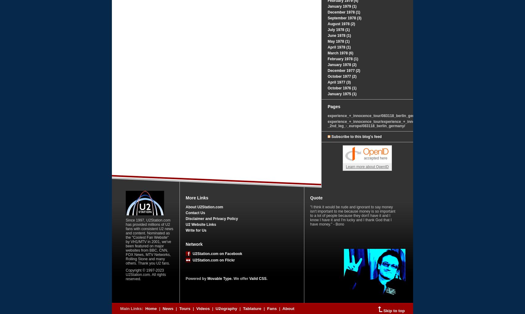  Describe the element at coordinates (340, 53) in the screenshot. I see `'March 1978 (6)'` at that location.